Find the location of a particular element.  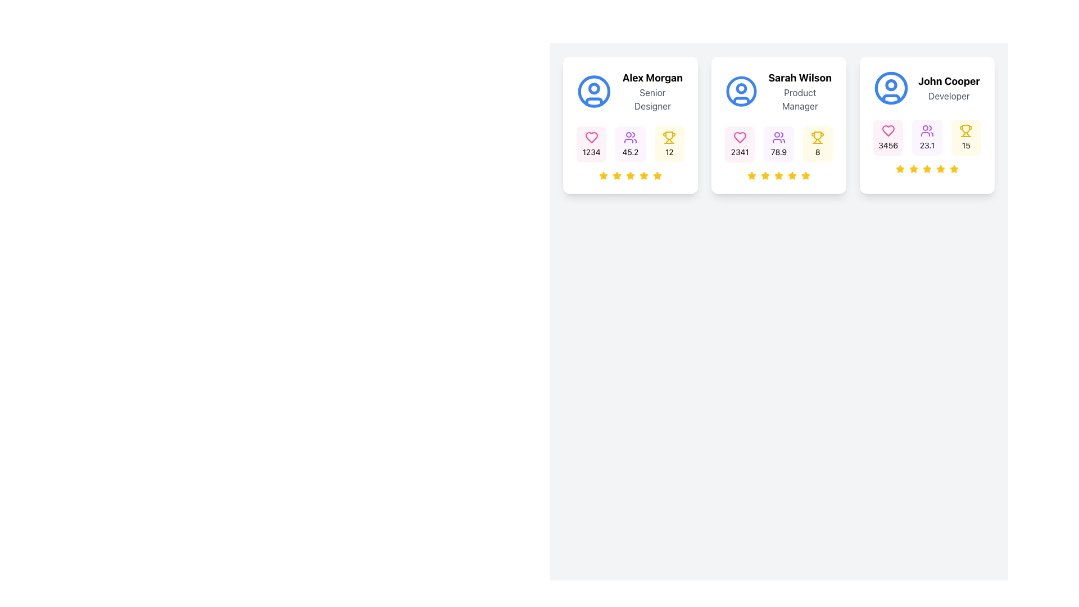

a star icon in the rating display located at the bottom of the card labeled 'Alex Morgan Senior Designer' to change the rating is located at coordinates (631, 175).